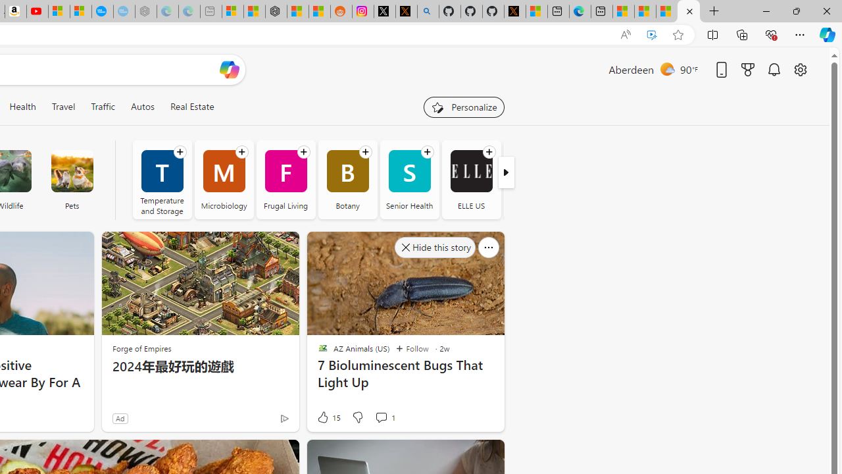  Describe the element at coordinates (22, 106) in the screenshot. I see `'Health'` at that location.